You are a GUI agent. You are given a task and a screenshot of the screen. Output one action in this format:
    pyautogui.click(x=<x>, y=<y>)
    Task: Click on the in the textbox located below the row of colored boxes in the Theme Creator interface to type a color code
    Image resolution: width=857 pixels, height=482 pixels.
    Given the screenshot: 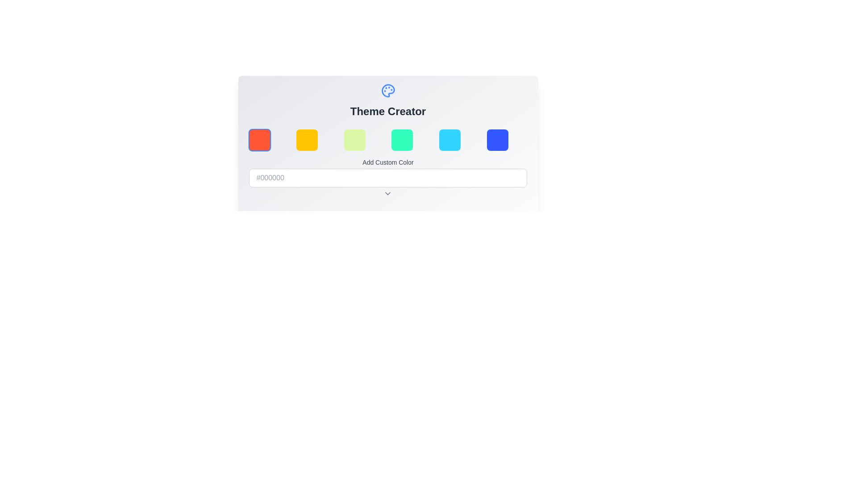 What is the action you would take?
    pyautogui.click(x=388, y=183)
    